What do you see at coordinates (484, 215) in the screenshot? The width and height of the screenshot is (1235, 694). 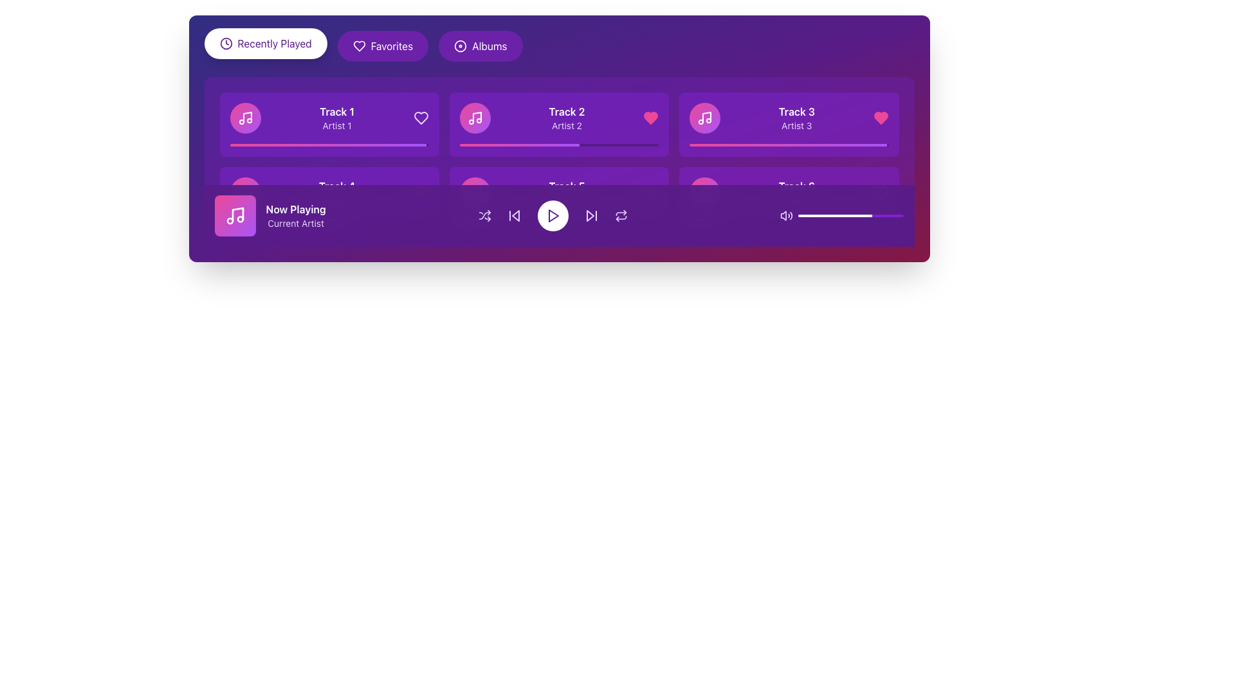 I see `the shuffle button, which is the first icon in the sequence of playback control buttons located to the left of the play button, to change its color` at bounding box center [484, 215].